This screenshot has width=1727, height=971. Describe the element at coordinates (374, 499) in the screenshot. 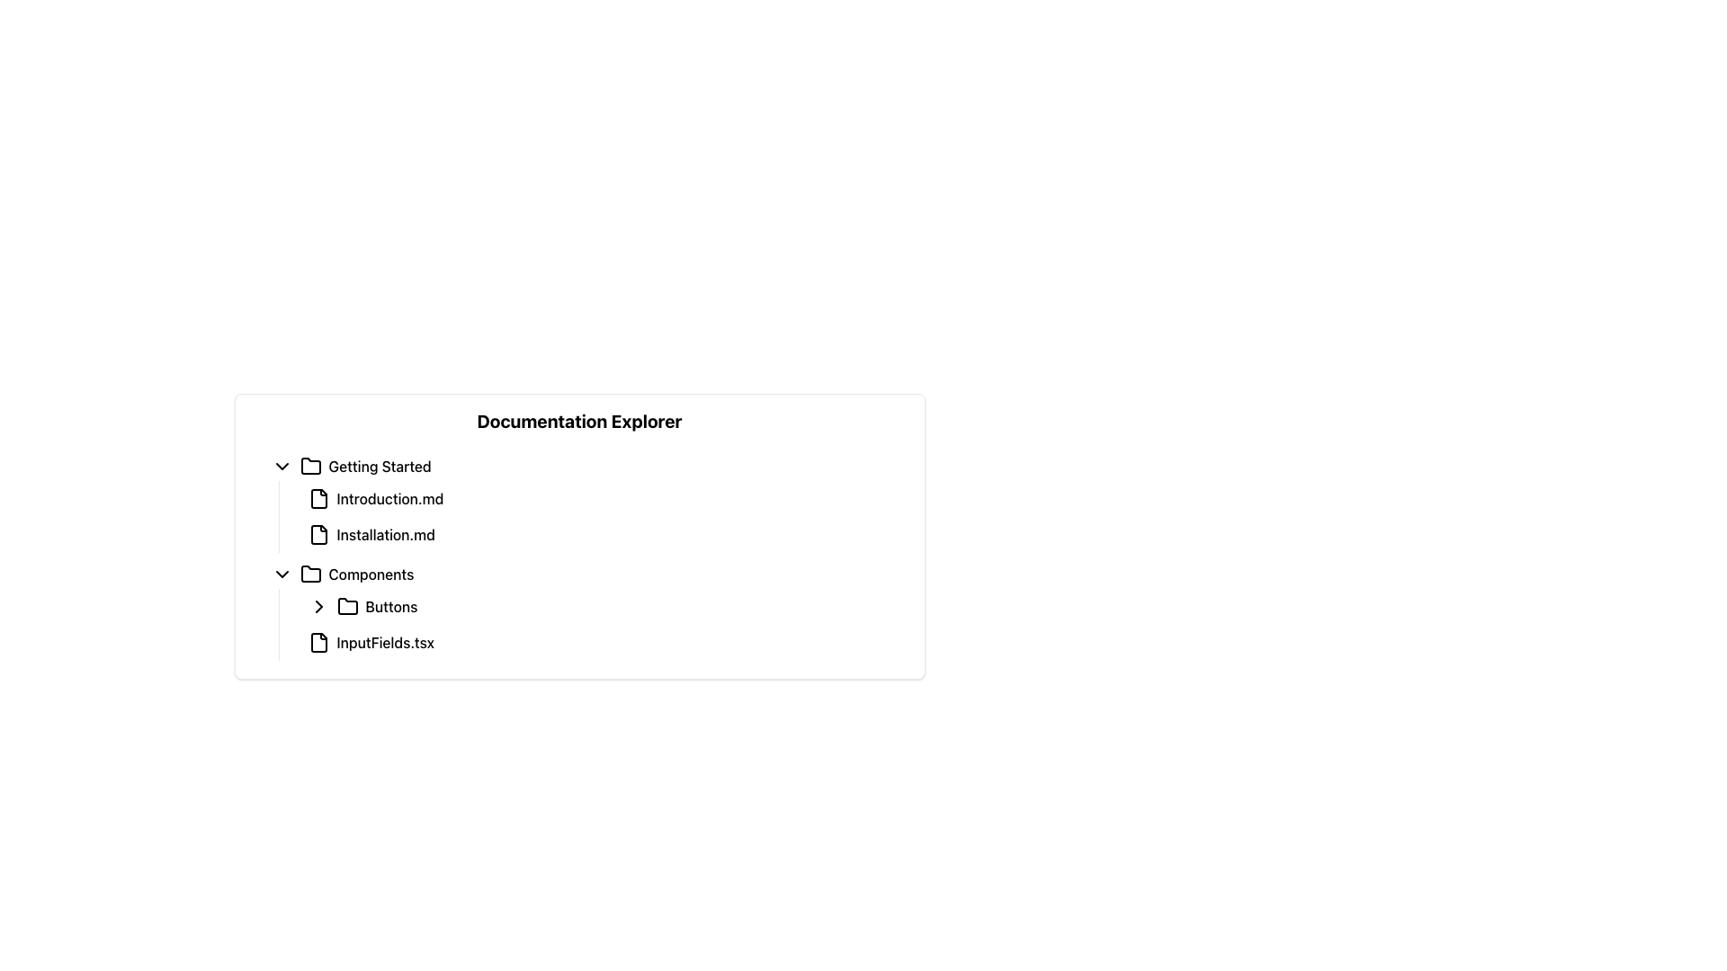

I see `the 'Introduction.md' Navigation Item, which is the first file listed under the 'Getting Started' section in the Documentation Explorer` at that location.